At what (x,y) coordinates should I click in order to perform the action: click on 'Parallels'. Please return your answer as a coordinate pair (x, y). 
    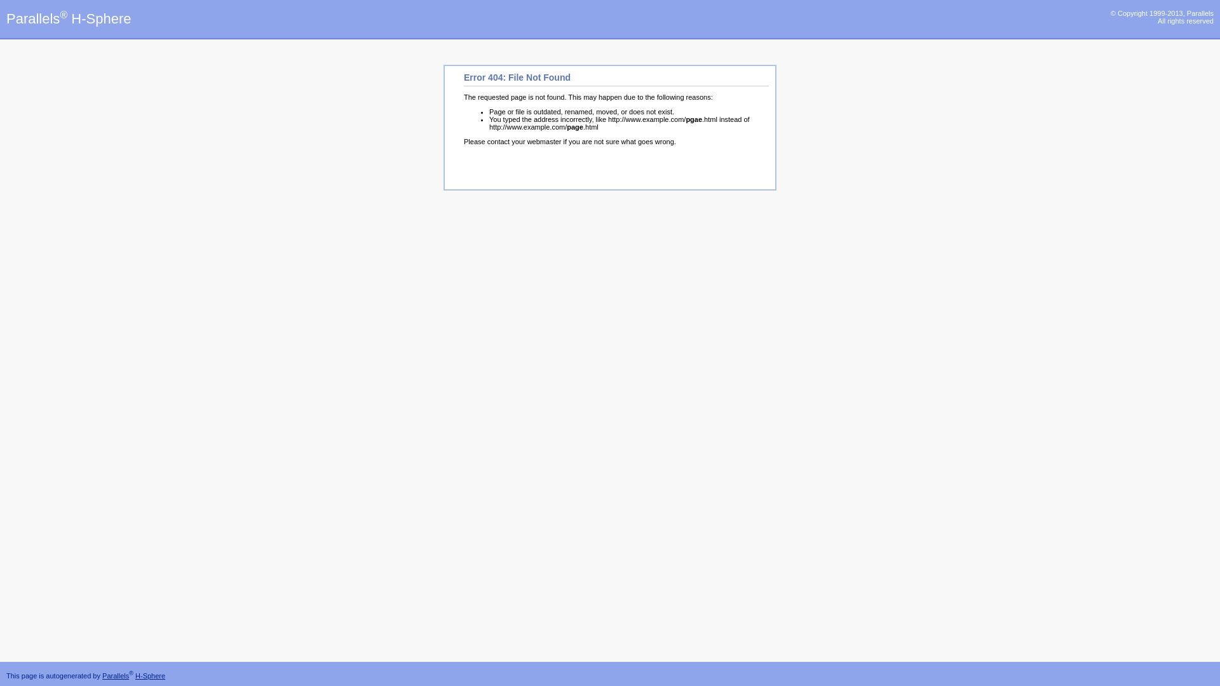
    Looking at the image, I should click on (116, 675).